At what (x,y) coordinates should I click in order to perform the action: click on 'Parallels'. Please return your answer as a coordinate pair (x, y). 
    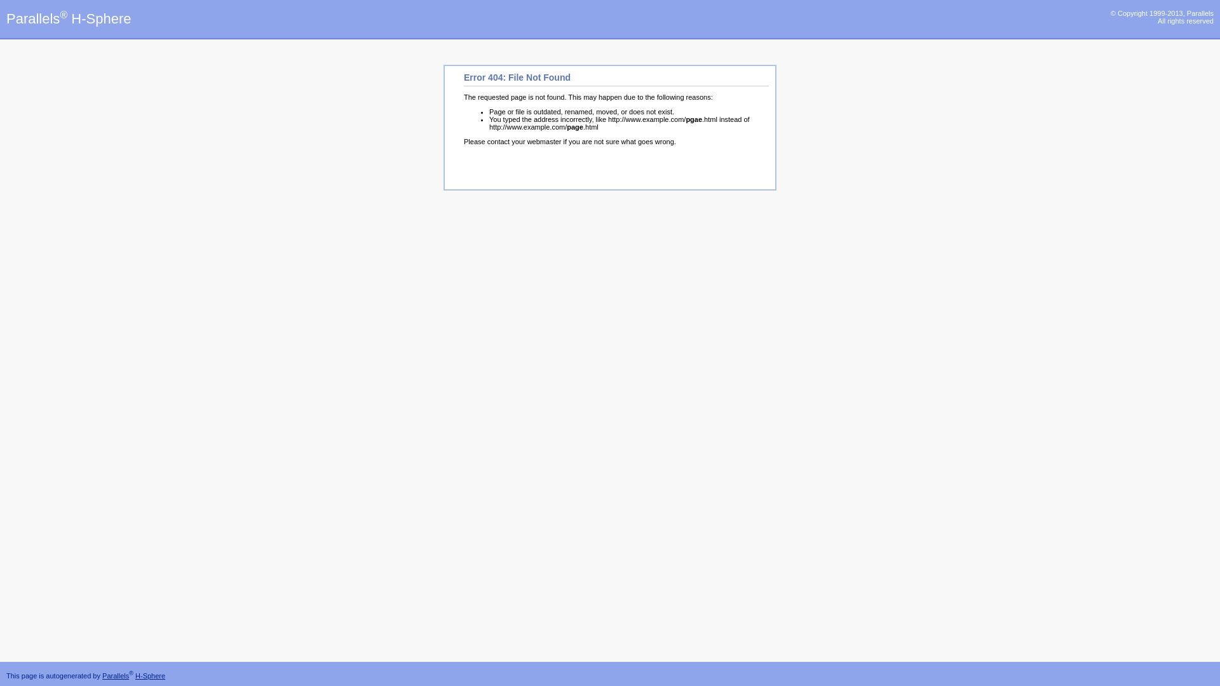
    Looking at the image, I should click on (116, 675).